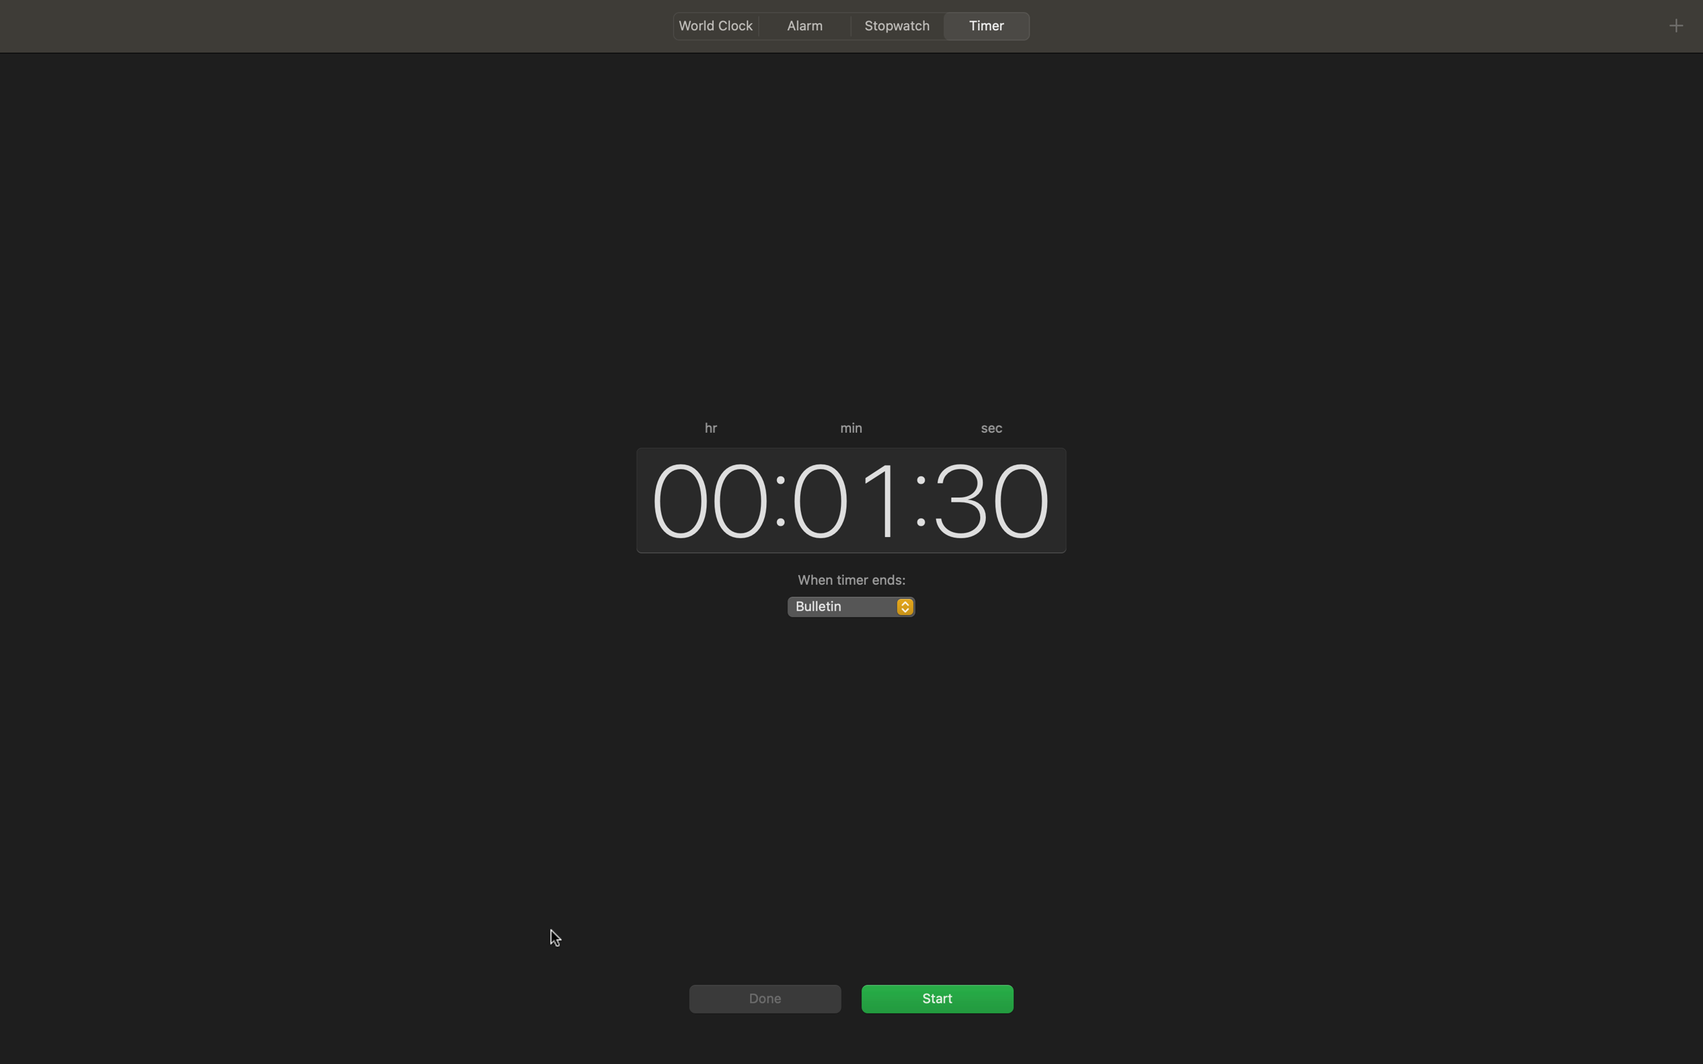 Image resolution: width=1703 pixels, height=1064 pixels. I want to click on Reset Timer, so click(763, 998).